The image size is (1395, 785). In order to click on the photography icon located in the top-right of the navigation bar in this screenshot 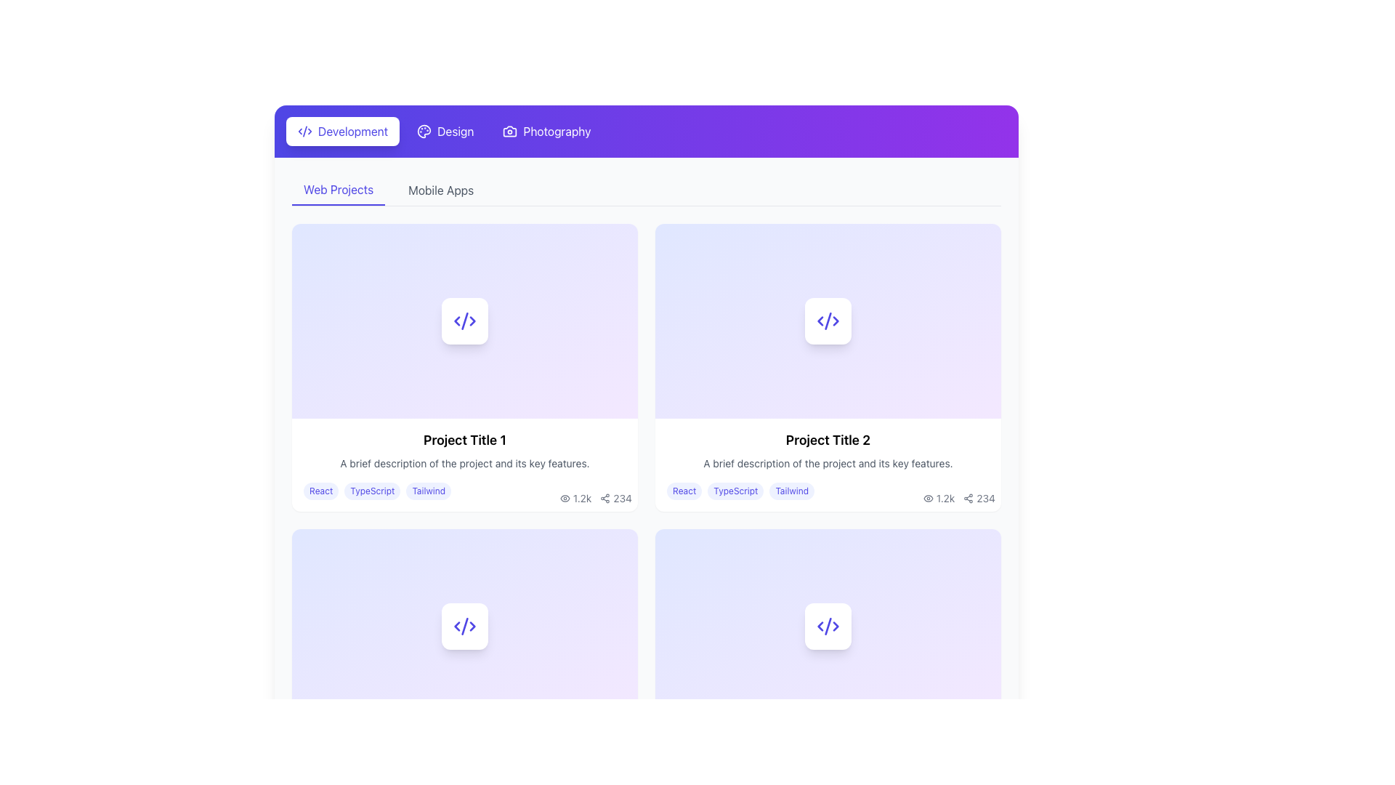, I will do `click(510, 132)`.